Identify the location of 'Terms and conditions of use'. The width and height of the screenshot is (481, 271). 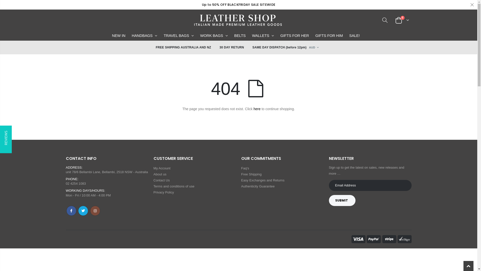
(174, 186).